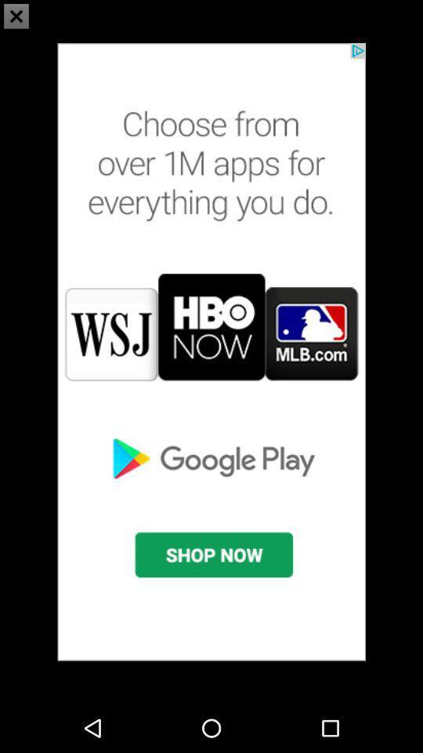 This screenshot has height=753, width=423. I want to click on the close icon, so click(16, 16).